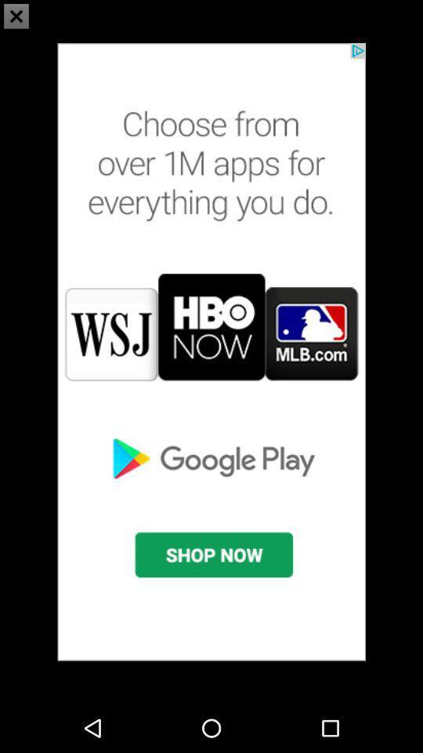 This screenshot has height=753, width=423. I want to click on the close icon, so click(16, 16).